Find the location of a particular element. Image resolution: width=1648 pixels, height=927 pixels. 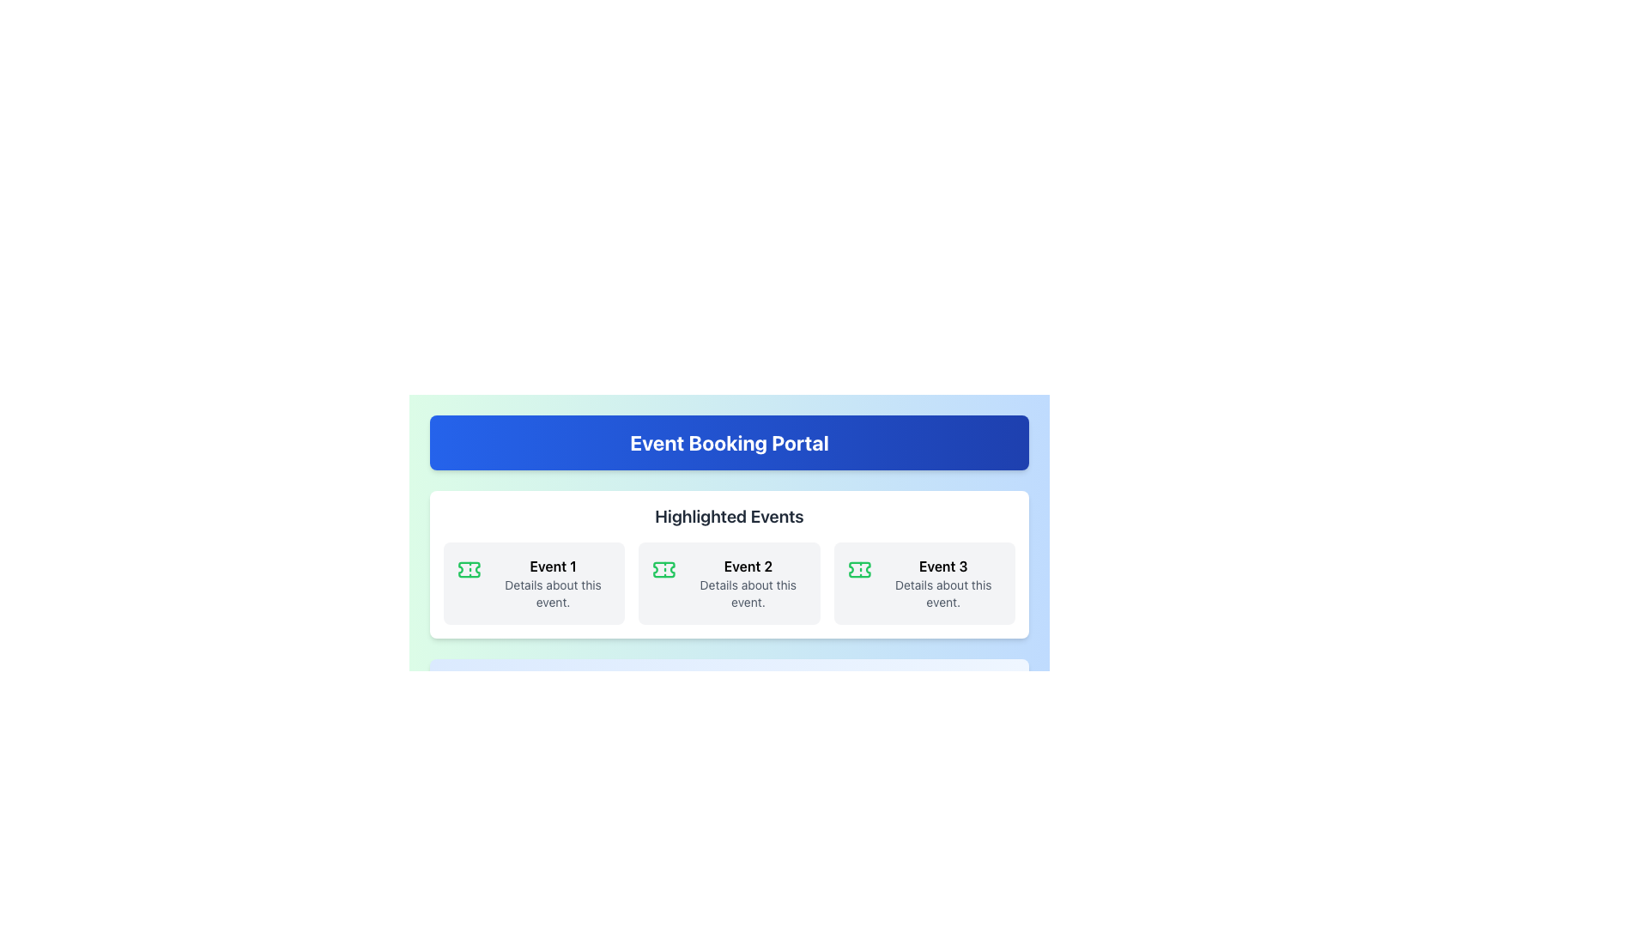

the 'Highlighted Events' text element, which is prominently displayed in bold and larger font within the upper portion of the 'Highlighted Events' card is located at coordinates (729, 515).